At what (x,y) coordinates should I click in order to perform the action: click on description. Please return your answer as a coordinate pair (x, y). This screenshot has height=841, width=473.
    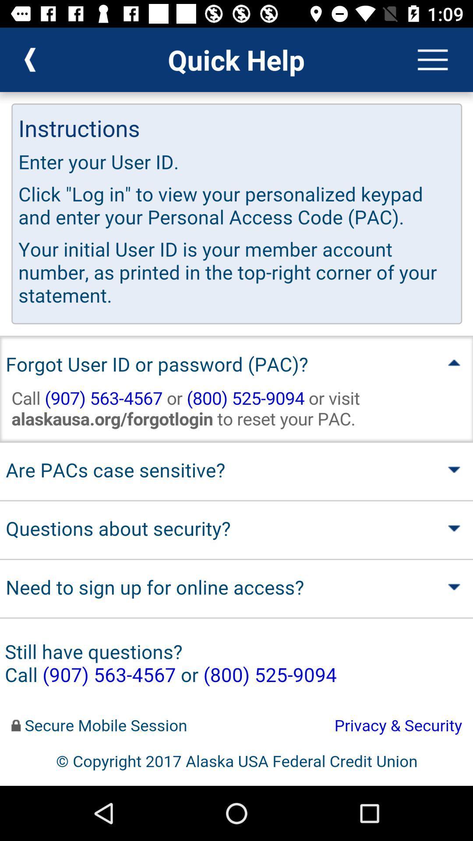
    Looking at the image, I should click on (236, 439).